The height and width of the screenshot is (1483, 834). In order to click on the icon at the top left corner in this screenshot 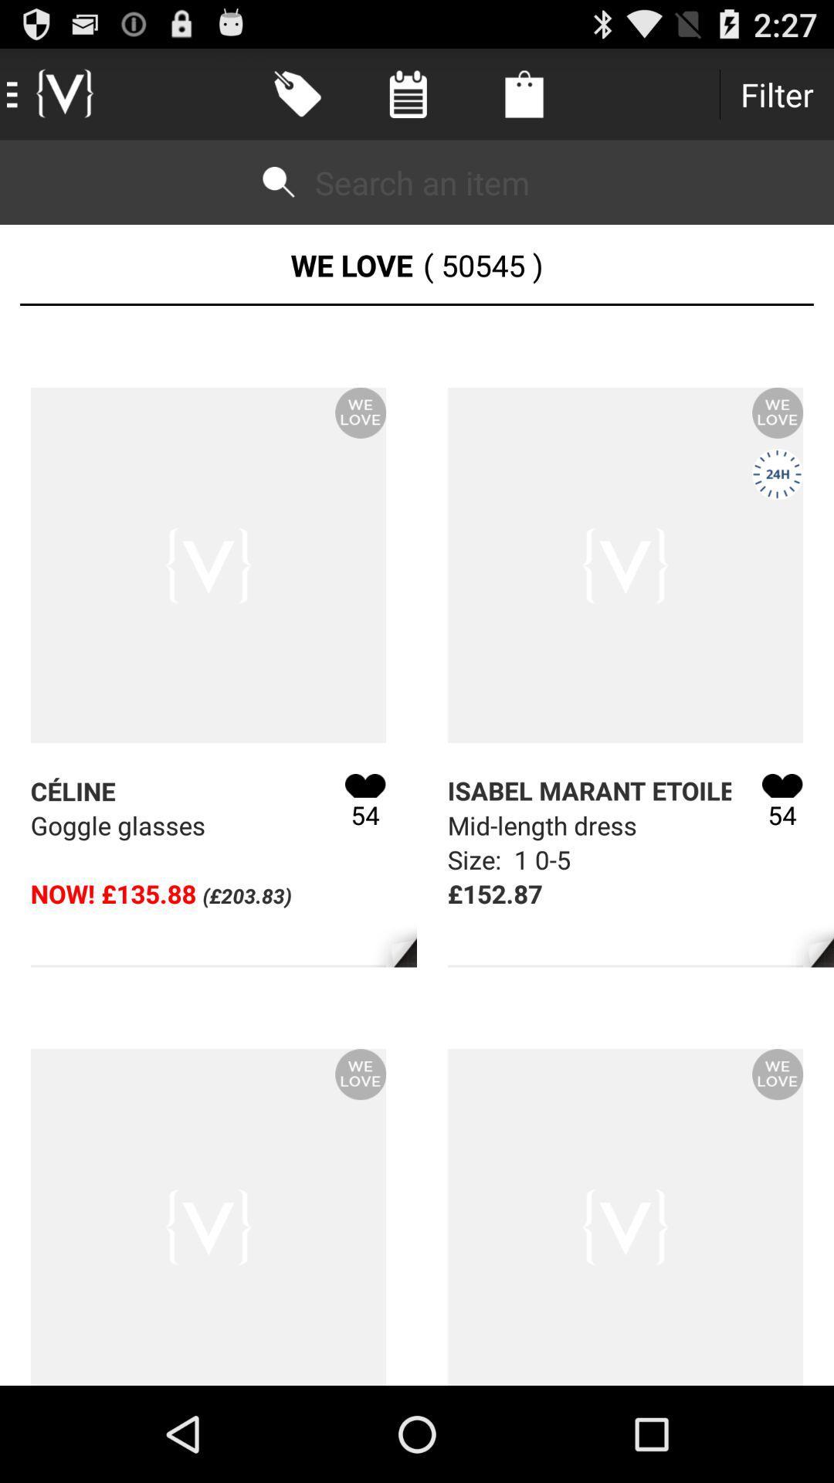, I will do `click(52, 93)`.